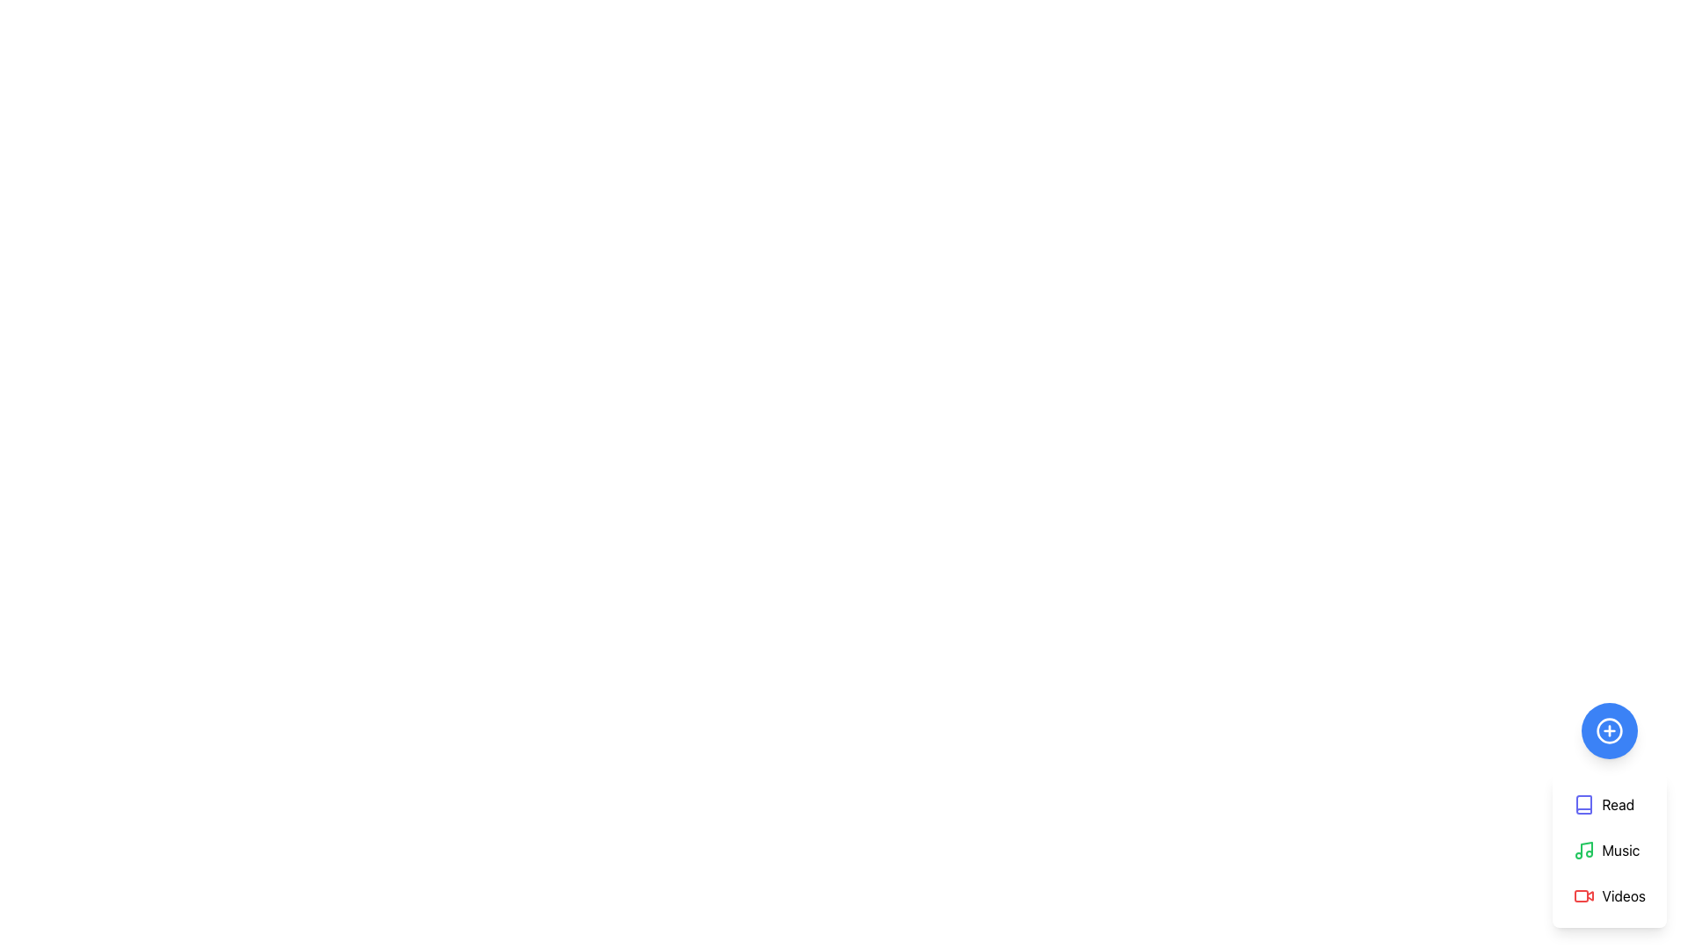 Image resolution: width=1688 pixels, height=949 pixels. Describe the element at coordinates (1610, 731) in the screenshot. I see `the circular visual element located in the bottom right corner of the interface, which serves as part of a floating button with additional options` at that location.